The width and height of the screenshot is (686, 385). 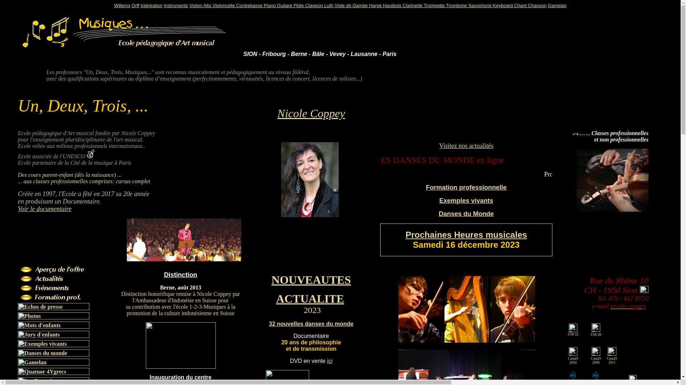 I want to click on 'Instruments', so click(x=176, y=5).